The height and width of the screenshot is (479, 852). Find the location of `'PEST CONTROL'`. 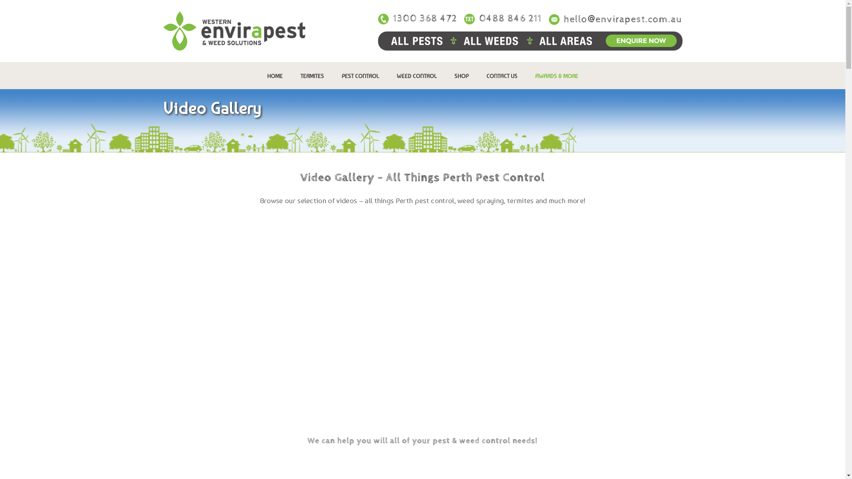

'PEST CONTROL' is located at coordinates (341, 75).